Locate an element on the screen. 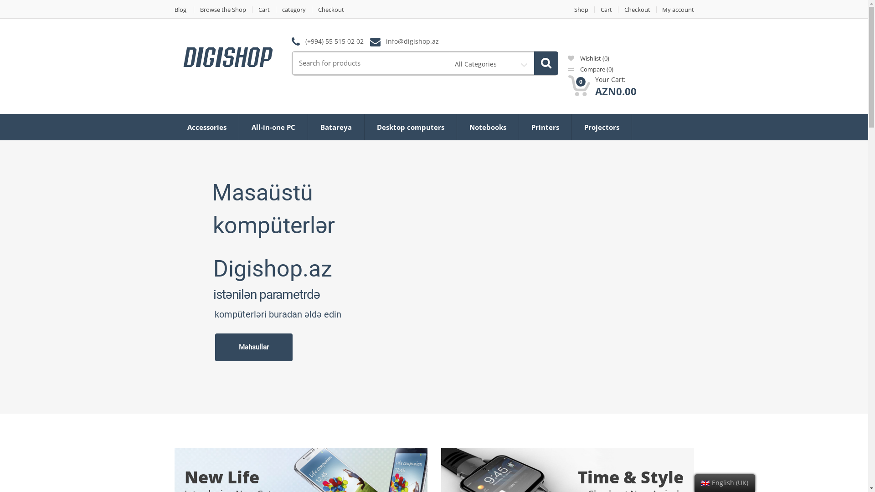 This screenshot has height=492, width=875. 'Cart' is located at coordinates (252, 10).